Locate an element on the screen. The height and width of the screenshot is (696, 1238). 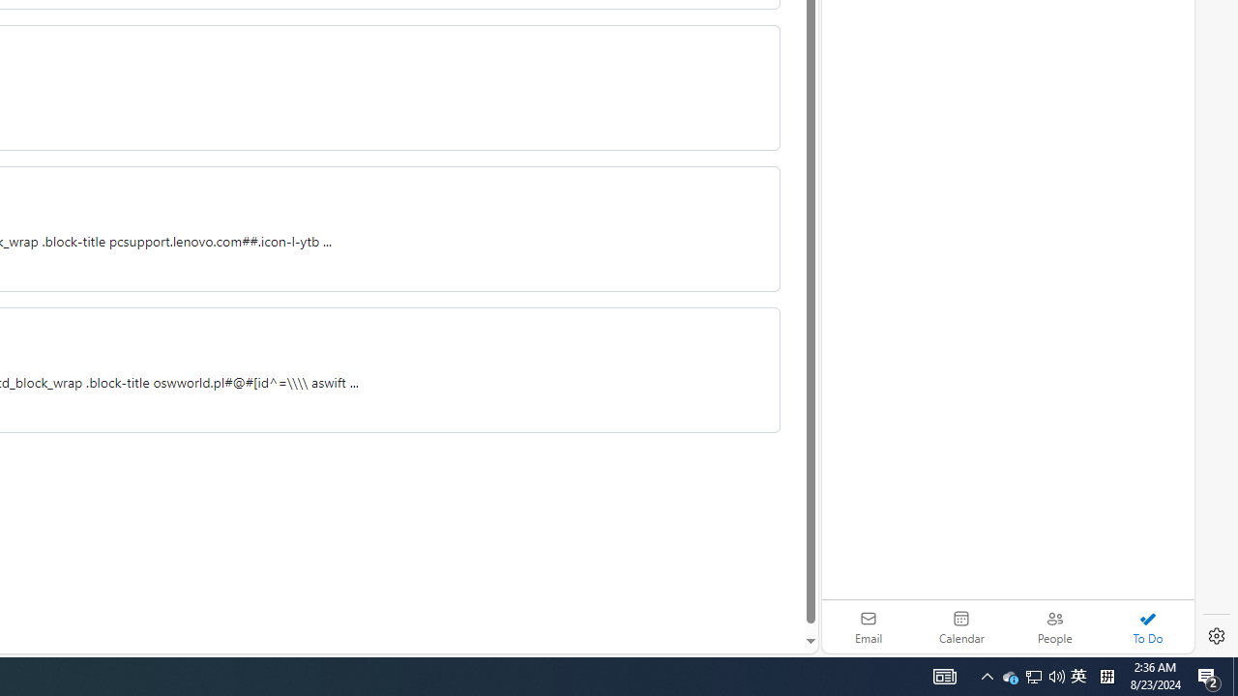
'Email' is located at coordinates (868, 626).